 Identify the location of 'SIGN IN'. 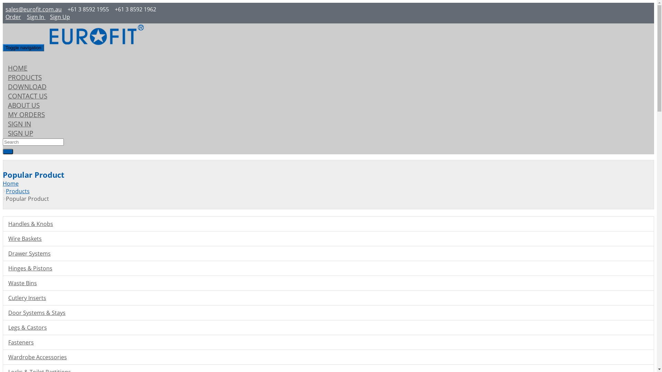
(3, 123).